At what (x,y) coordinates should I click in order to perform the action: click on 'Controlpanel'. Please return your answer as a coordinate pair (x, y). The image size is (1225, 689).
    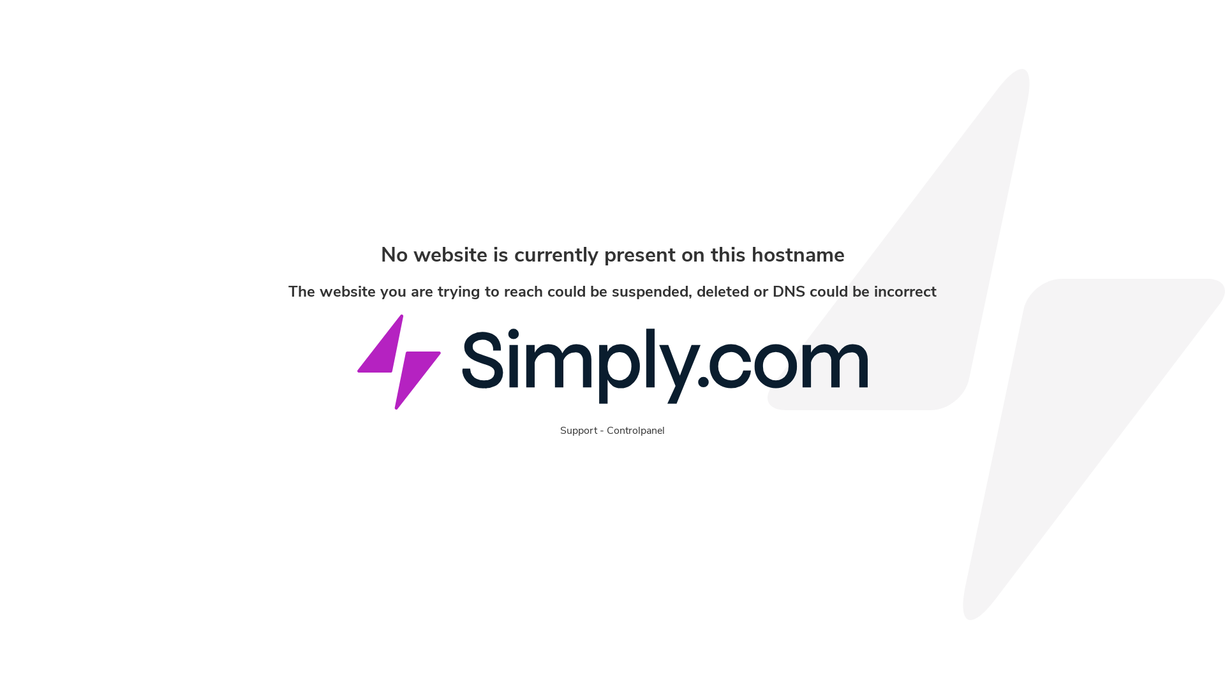
    Looking at the image, I should click on (635, 431).